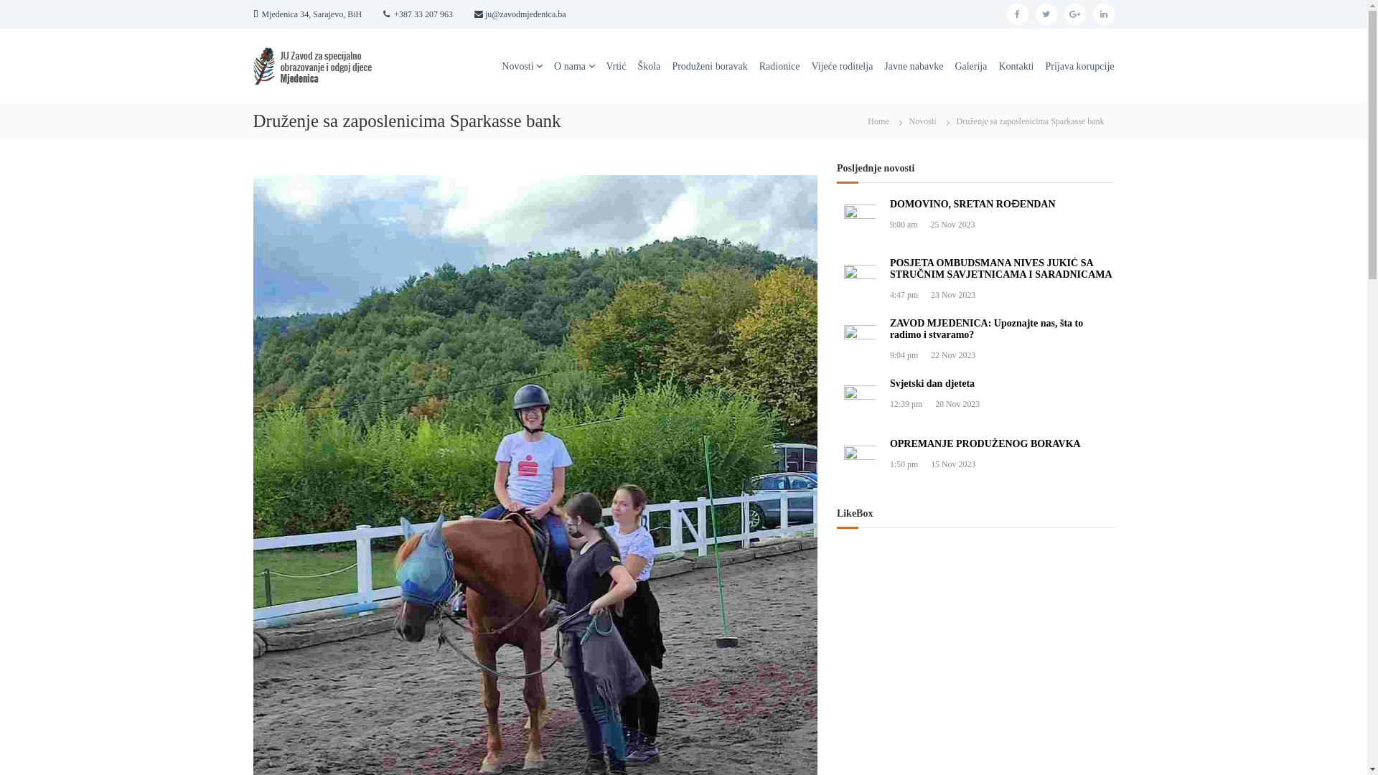  Describe the element at coordinates (1102, 14) in the screenshot. I see `'linkedin'` at that location.